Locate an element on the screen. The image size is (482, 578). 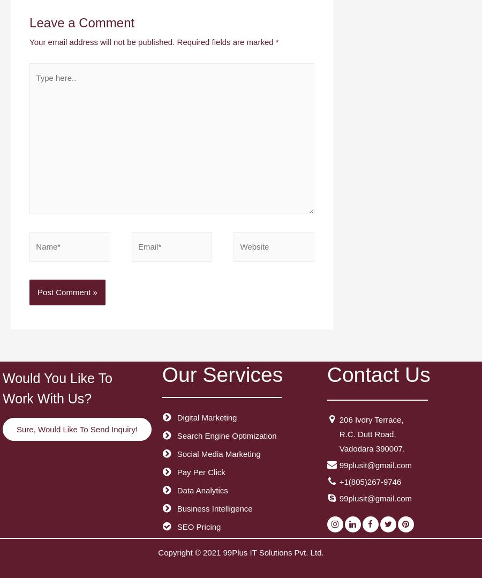
'206 Ivory Terrace,' is located at coordinates (371, 419).